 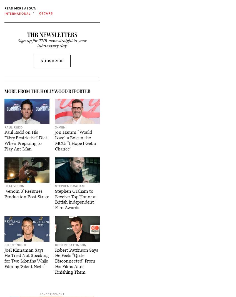 I want to click on 'Robert Pattinson Says He Feels “Quite Disconnected” From His Films After Finishing Them', so click(x=76, y=261).